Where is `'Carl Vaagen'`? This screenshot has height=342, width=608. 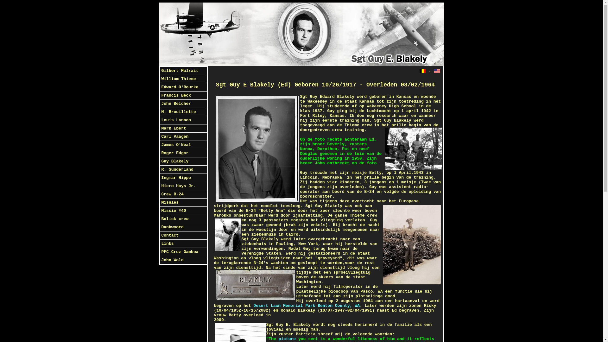 'Carl Vaagen' is located at coordinates (182, 136).